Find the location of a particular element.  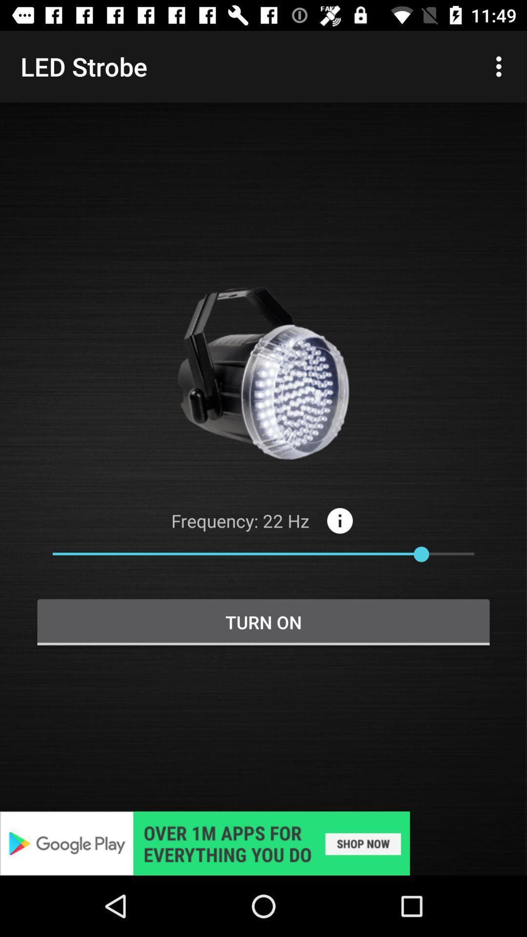

the info icon is located at coordinates (339, 520).